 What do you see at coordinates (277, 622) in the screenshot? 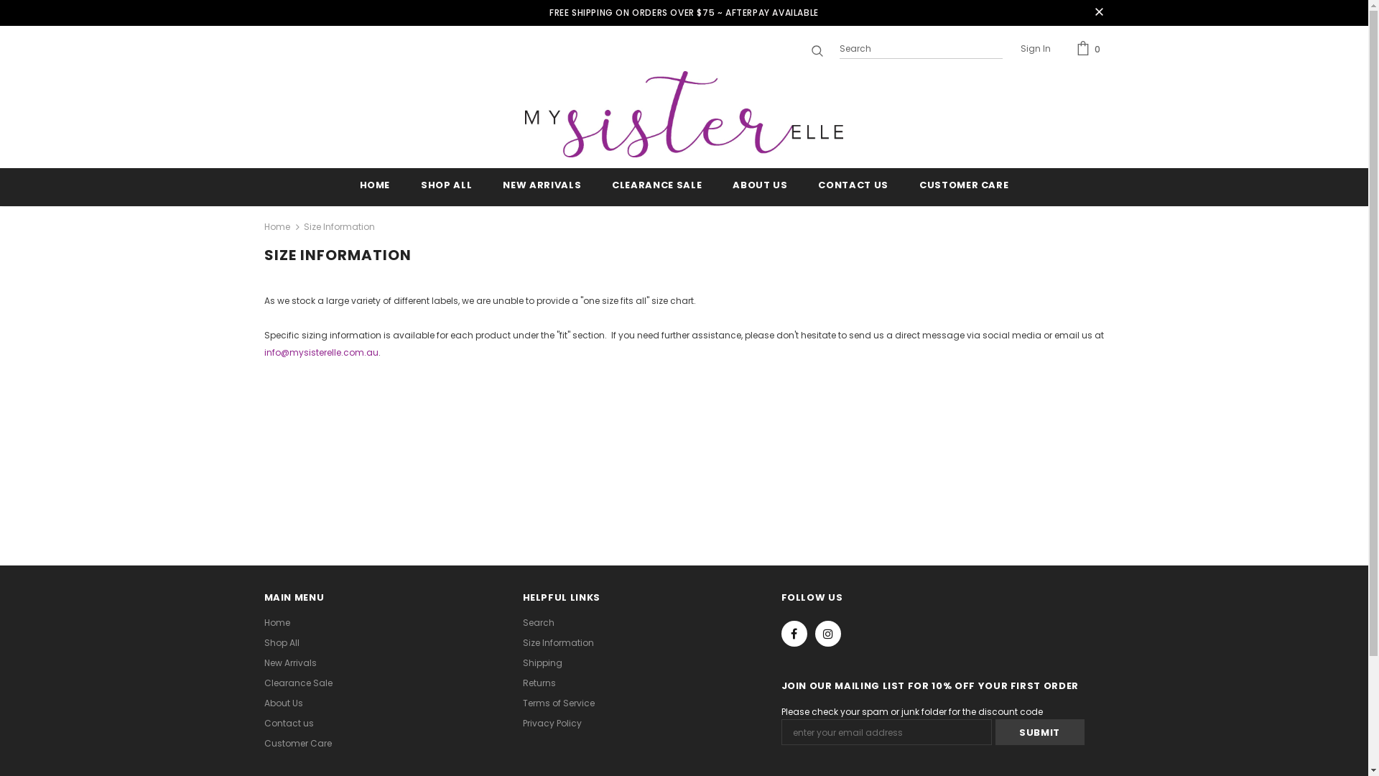
I see `'Home'` at bounding box center [277, 622].